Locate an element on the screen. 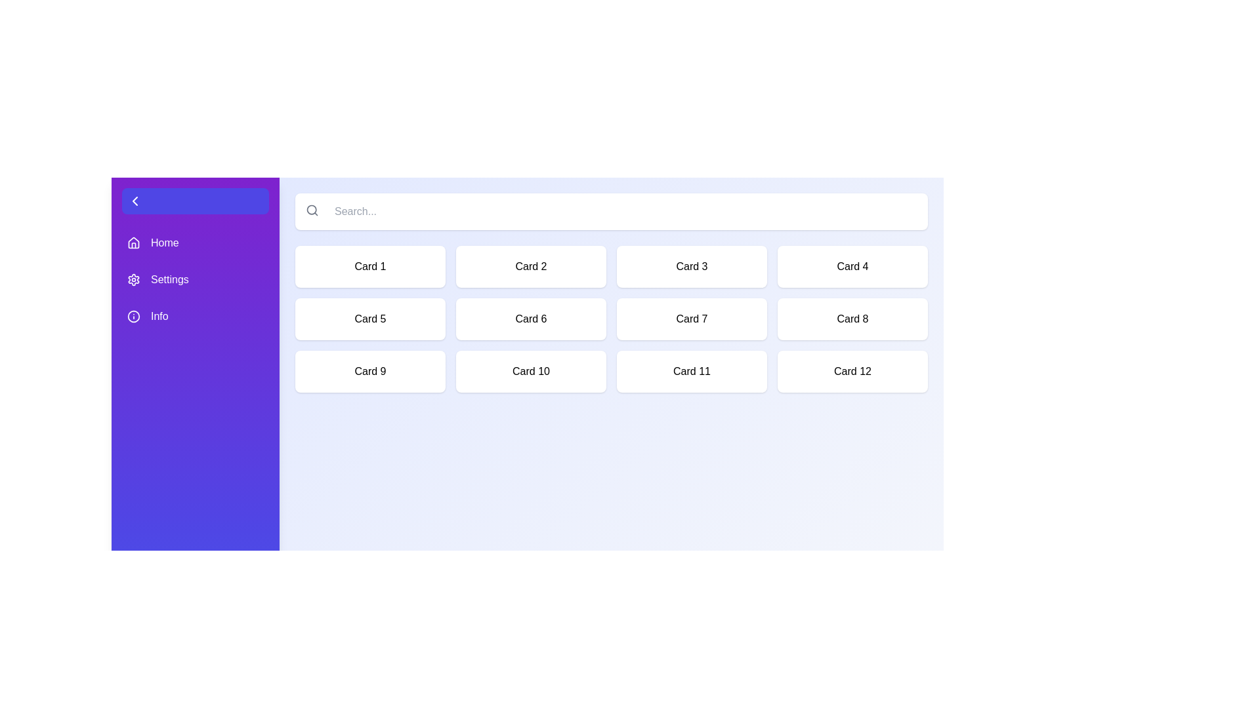 Image resolution: width=1260 pixels, height=708 pixels. the navigation item Home is located at coordinates (194, 243).